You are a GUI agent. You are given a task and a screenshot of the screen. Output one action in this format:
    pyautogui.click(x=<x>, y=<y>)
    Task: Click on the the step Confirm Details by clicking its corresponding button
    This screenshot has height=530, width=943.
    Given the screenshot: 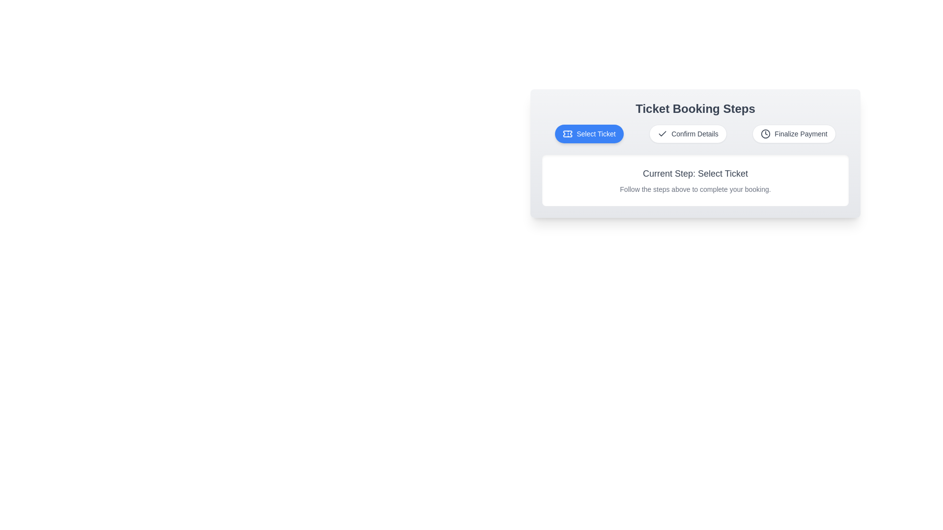 What is the action you would take?
    pyautogui.click(x=688, y=134)
    